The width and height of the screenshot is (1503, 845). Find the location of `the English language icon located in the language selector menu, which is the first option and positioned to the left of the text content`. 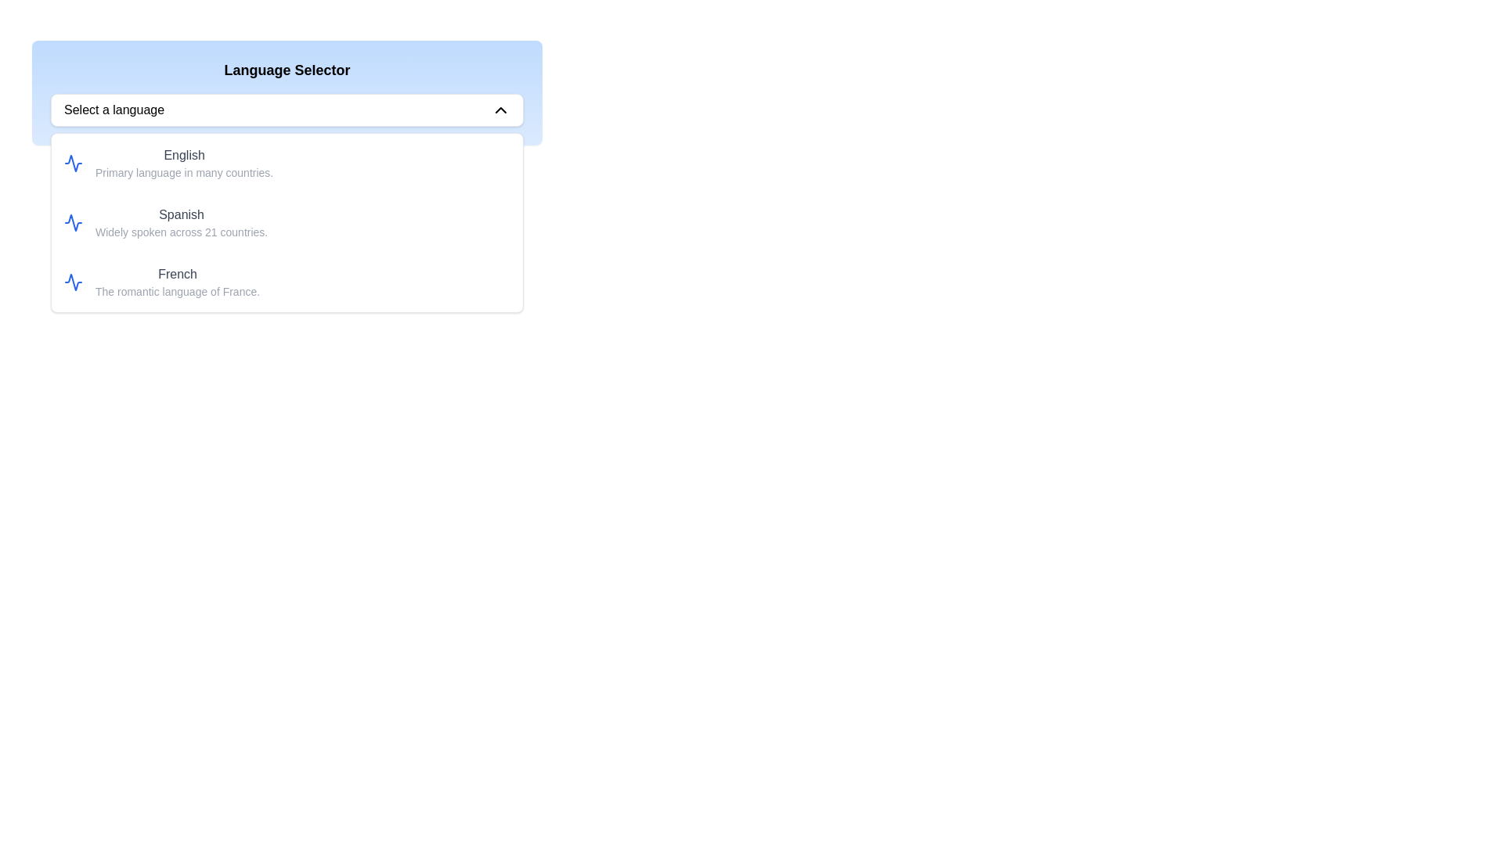

the English language icon located in the language selector menu, which is the first option and positioned to the left of the text content is located at coordinates (73, 163).